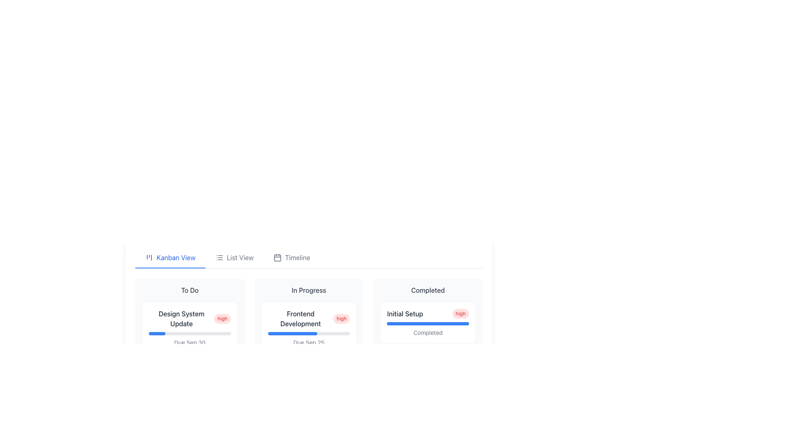  I want to click on the first Task card in the 'To Do' section, so click(189, 327).